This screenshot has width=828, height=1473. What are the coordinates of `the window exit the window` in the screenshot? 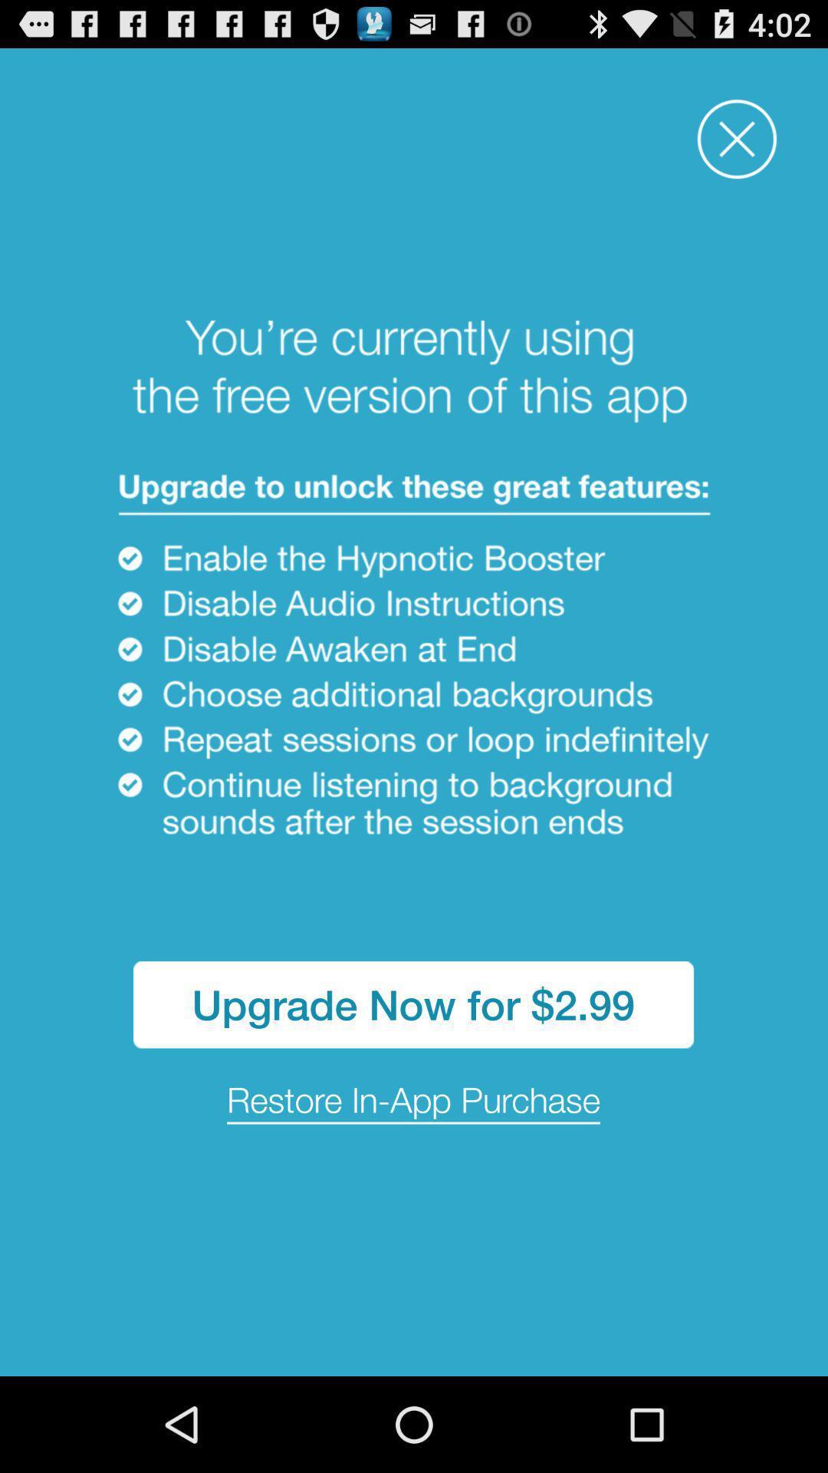 It's located at (736, 139).